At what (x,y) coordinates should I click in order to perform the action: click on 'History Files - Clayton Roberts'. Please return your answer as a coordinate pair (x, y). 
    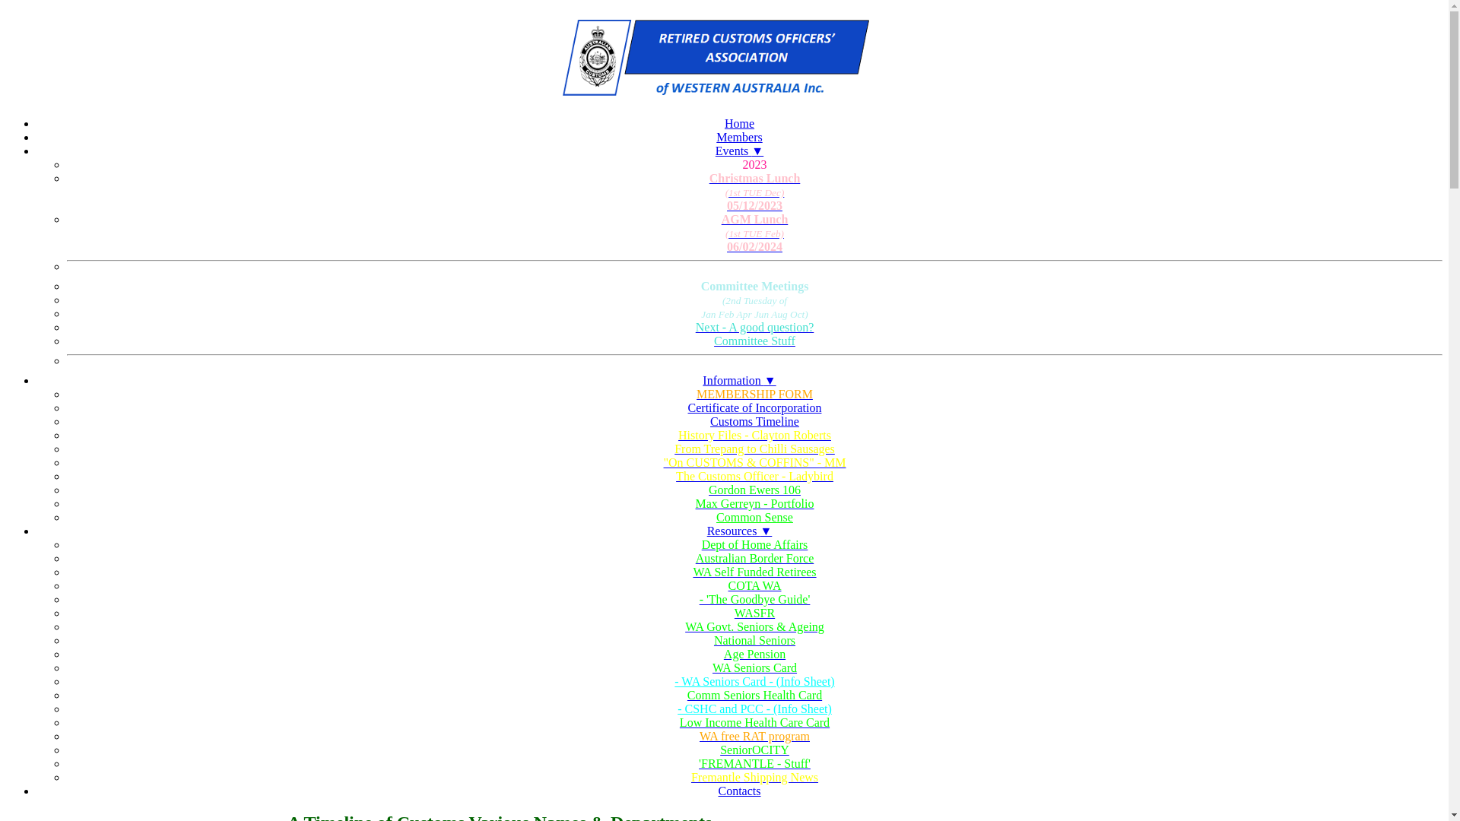
    Looking at the image, I should click on (754, 436).